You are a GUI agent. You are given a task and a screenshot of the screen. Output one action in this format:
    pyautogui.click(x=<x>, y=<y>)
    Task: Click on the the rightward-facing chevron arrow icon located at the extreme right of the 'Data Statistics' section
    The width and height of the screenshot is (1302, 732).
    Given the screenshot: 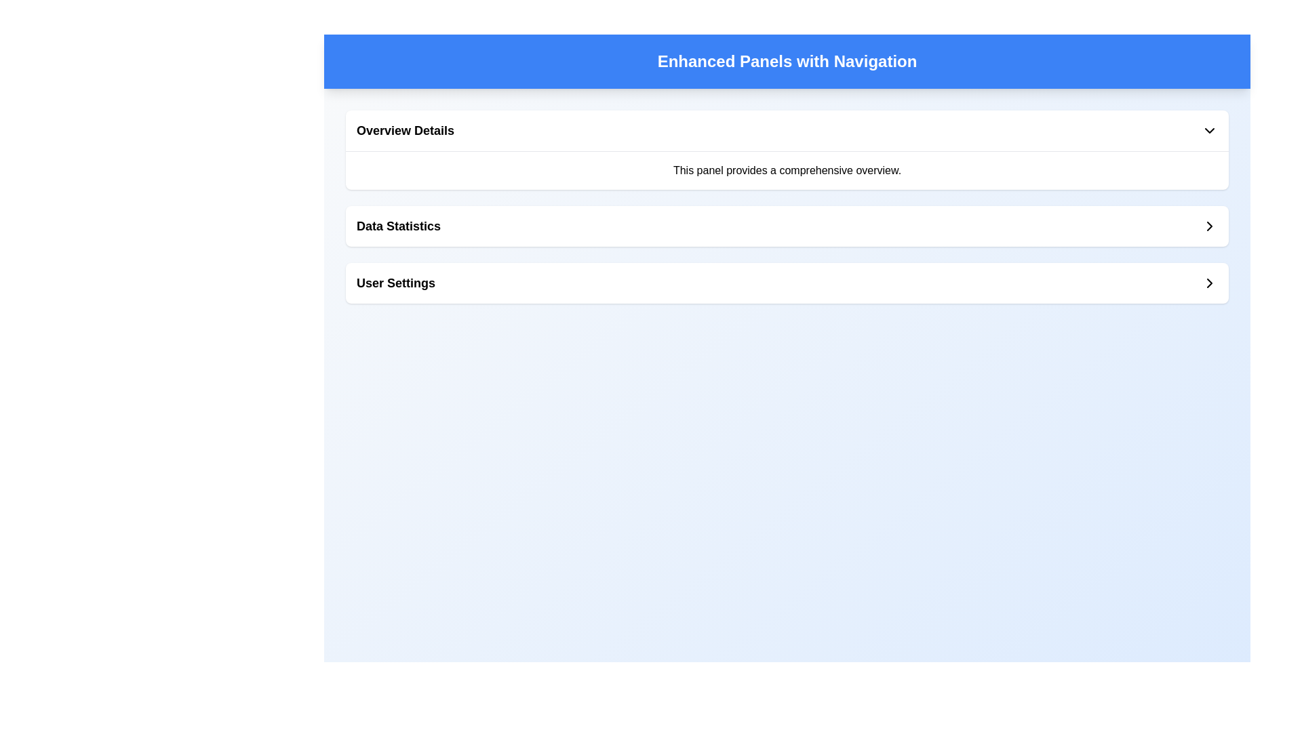 What is the action you would take?
    pyautogui.click(x=1210, y=226)
    